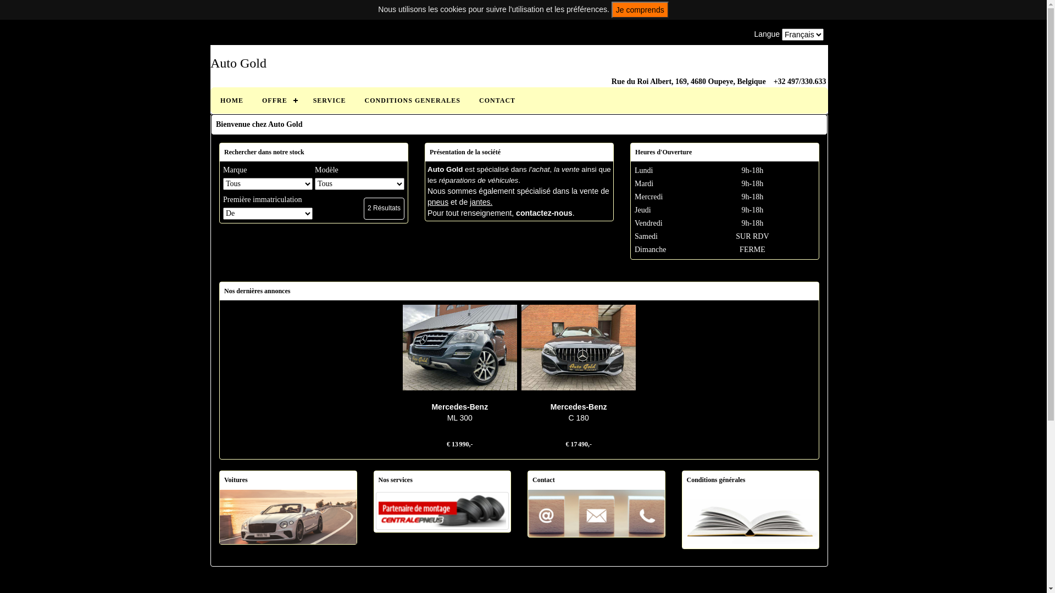 The image size is (1055, 593). Describe the element at coordinates (303, 100) in the screenshot. I see `'SERVICE'` at that location.